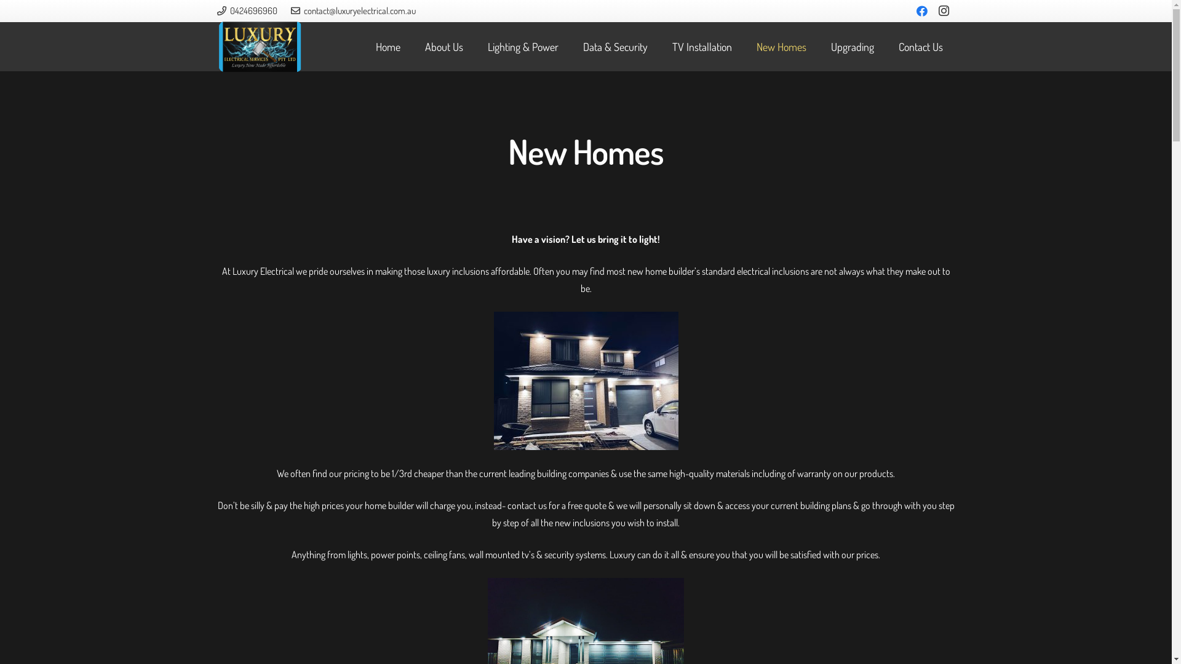 Image resolution: width=1181 pixels, height=664 pixels. I want to click on 'Upgrading', so click(852, 46).